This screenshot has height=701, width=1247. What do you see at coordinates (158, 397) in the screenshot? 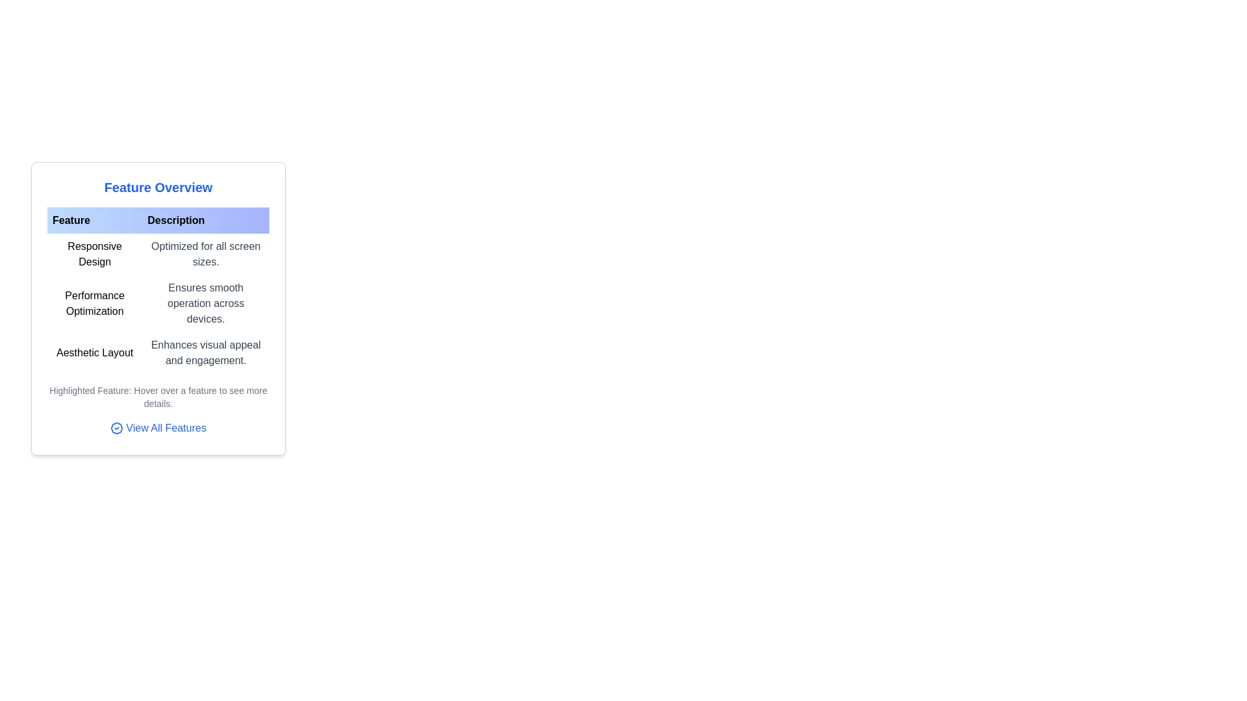
I see `text of the text label that says 'Highlighted Feature: Hover over a feature to see more details.' This label is styled in small gray font and is located just above the link to view more details` at bounding box center [158, 397].